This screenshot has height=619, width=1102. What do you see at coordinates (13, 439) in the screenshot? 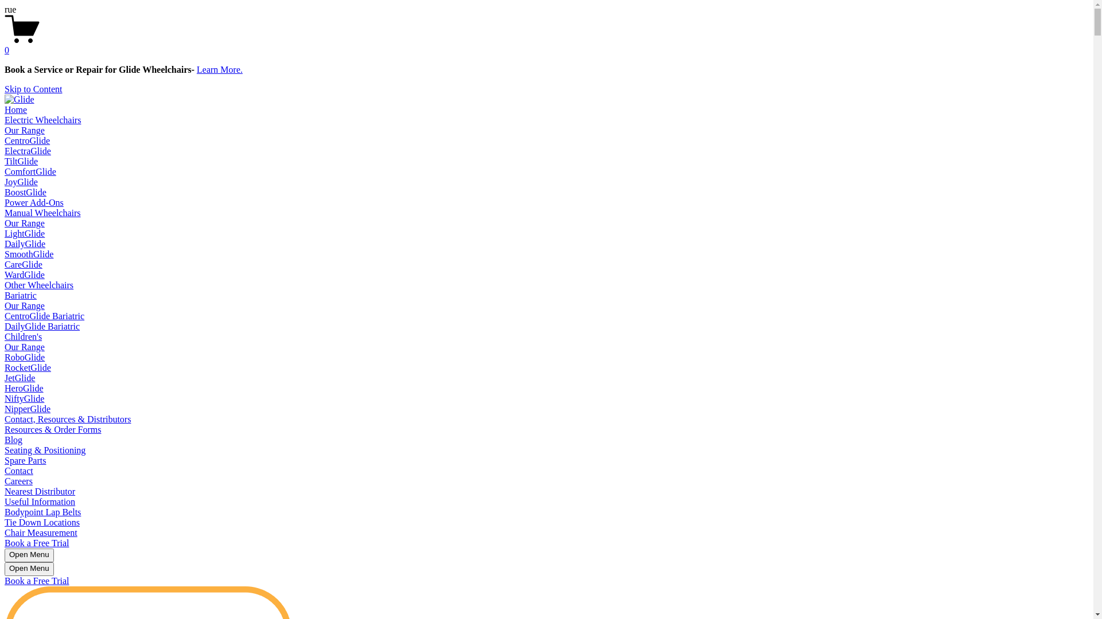
I see `'Blog'` at bounding box center [13, 439].